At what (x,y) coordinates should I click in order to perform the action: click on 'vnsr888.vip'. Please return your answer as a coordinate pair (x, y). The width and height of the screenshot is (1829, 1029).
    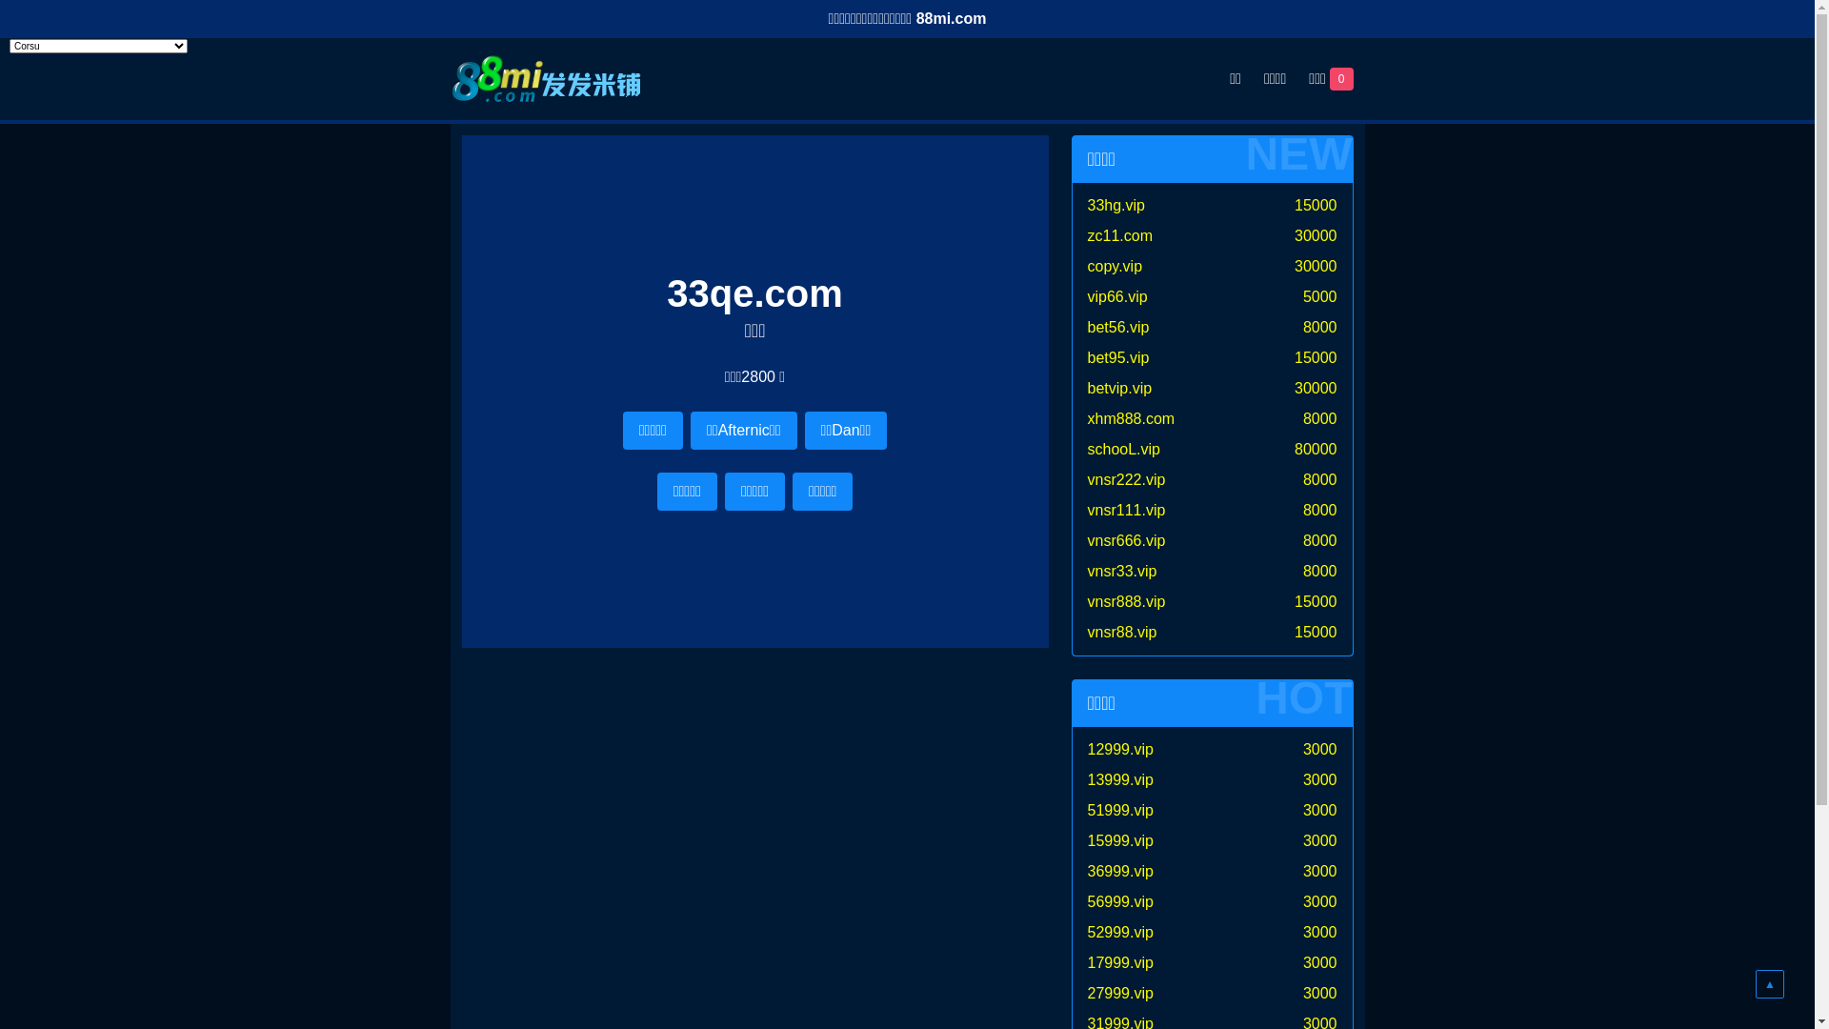
    Looking at the image, I should click on (1126, 601).